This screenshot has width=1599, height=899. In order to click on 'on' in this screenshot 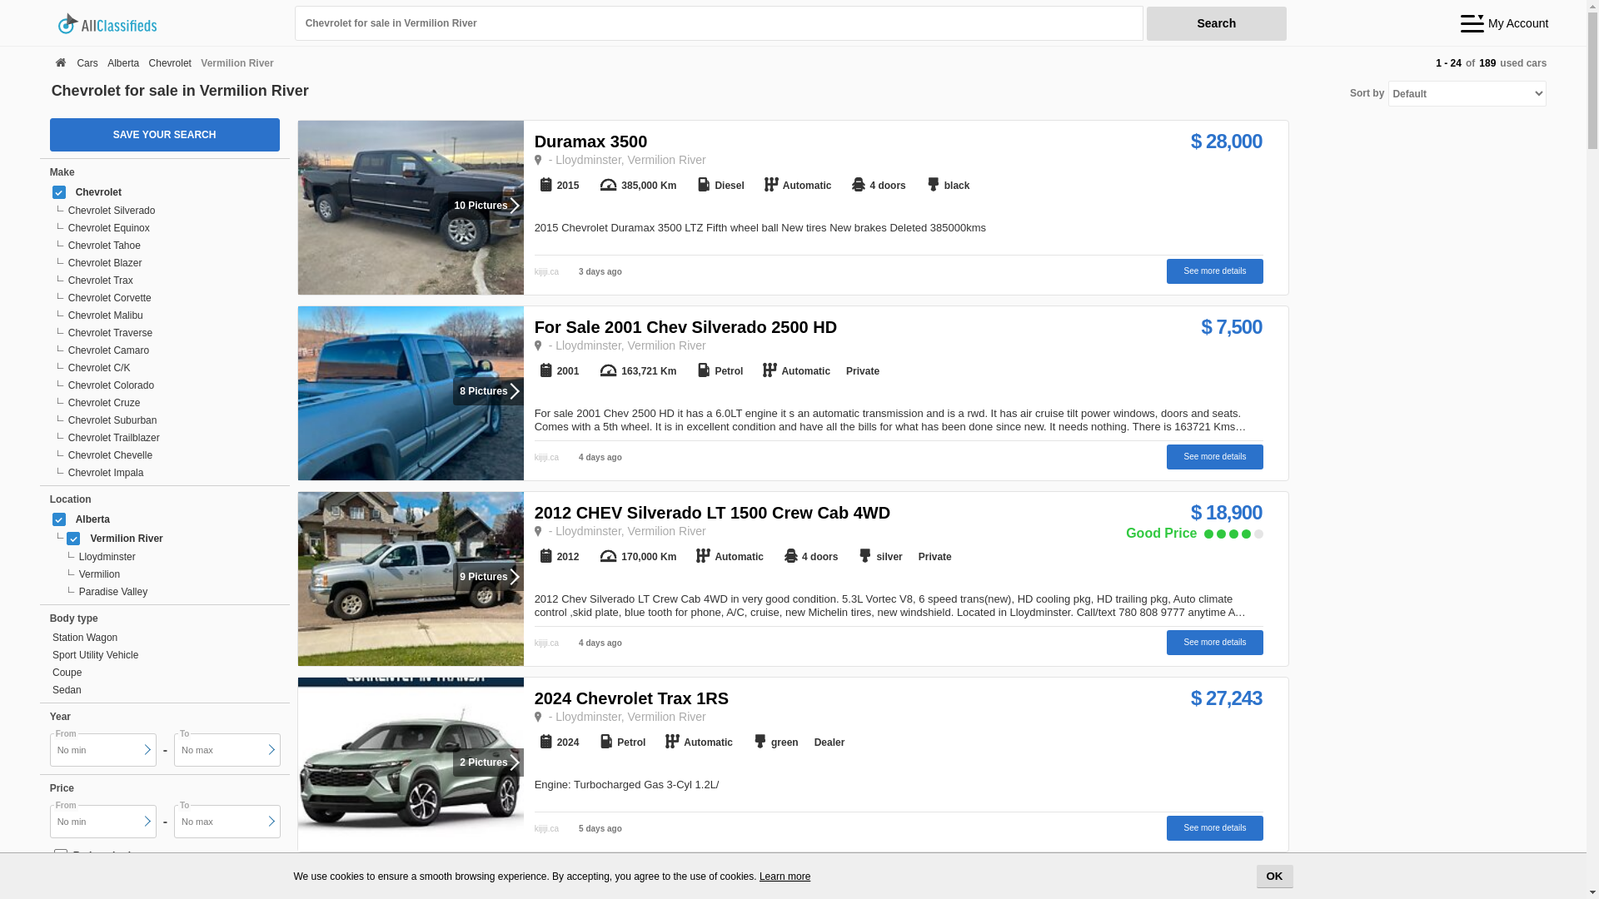, I will do `click(59, 519)`.